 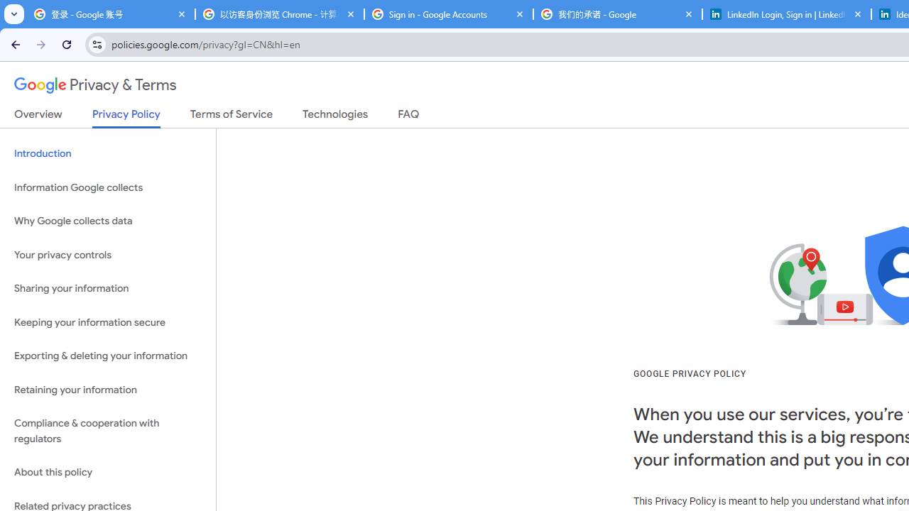 I want to click on 'Retaining your information', so click(x=107, y=390).